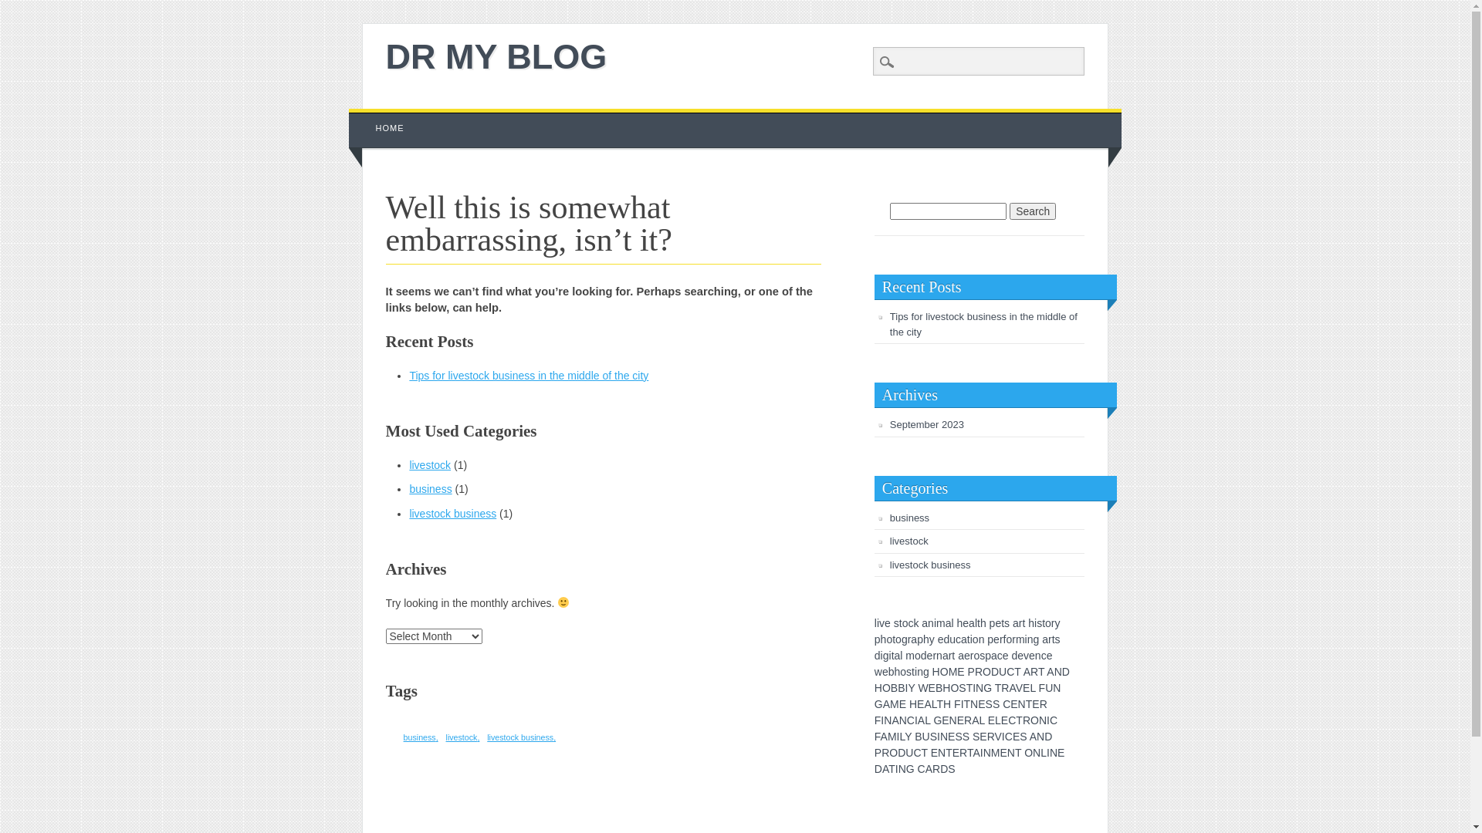 Image resolution: width=1482 pixels, height=833 pixels. I want to click on 'n', so click(1037, 655).